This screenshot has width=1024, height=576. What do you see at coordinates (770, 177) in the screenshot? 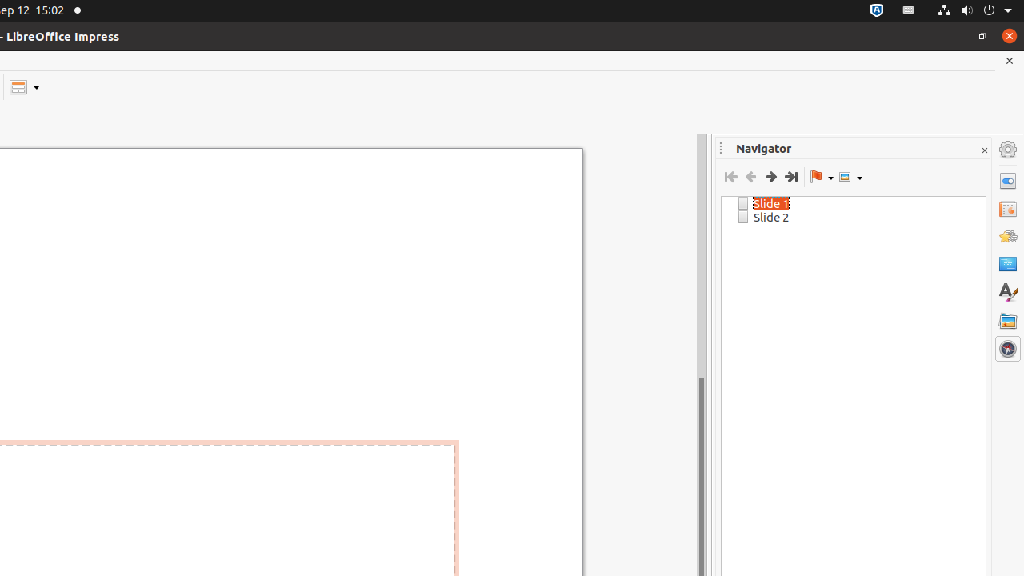
I see `'Next Slide'` at bounding box center [770, 177].